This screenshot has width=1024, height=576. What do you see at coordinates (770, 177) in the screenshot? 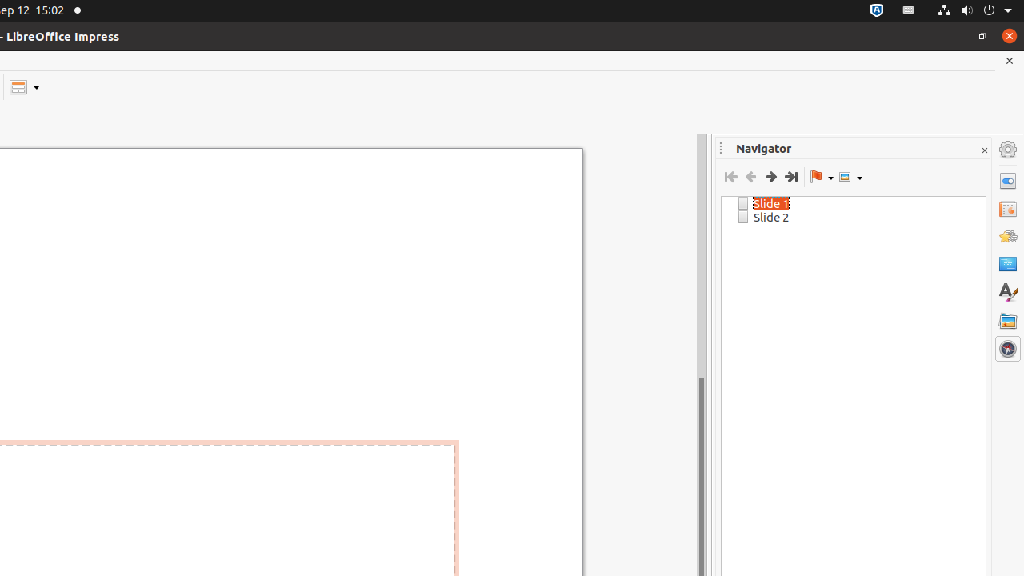
I see `'Next Slide'` at bounding box center [770, 177].